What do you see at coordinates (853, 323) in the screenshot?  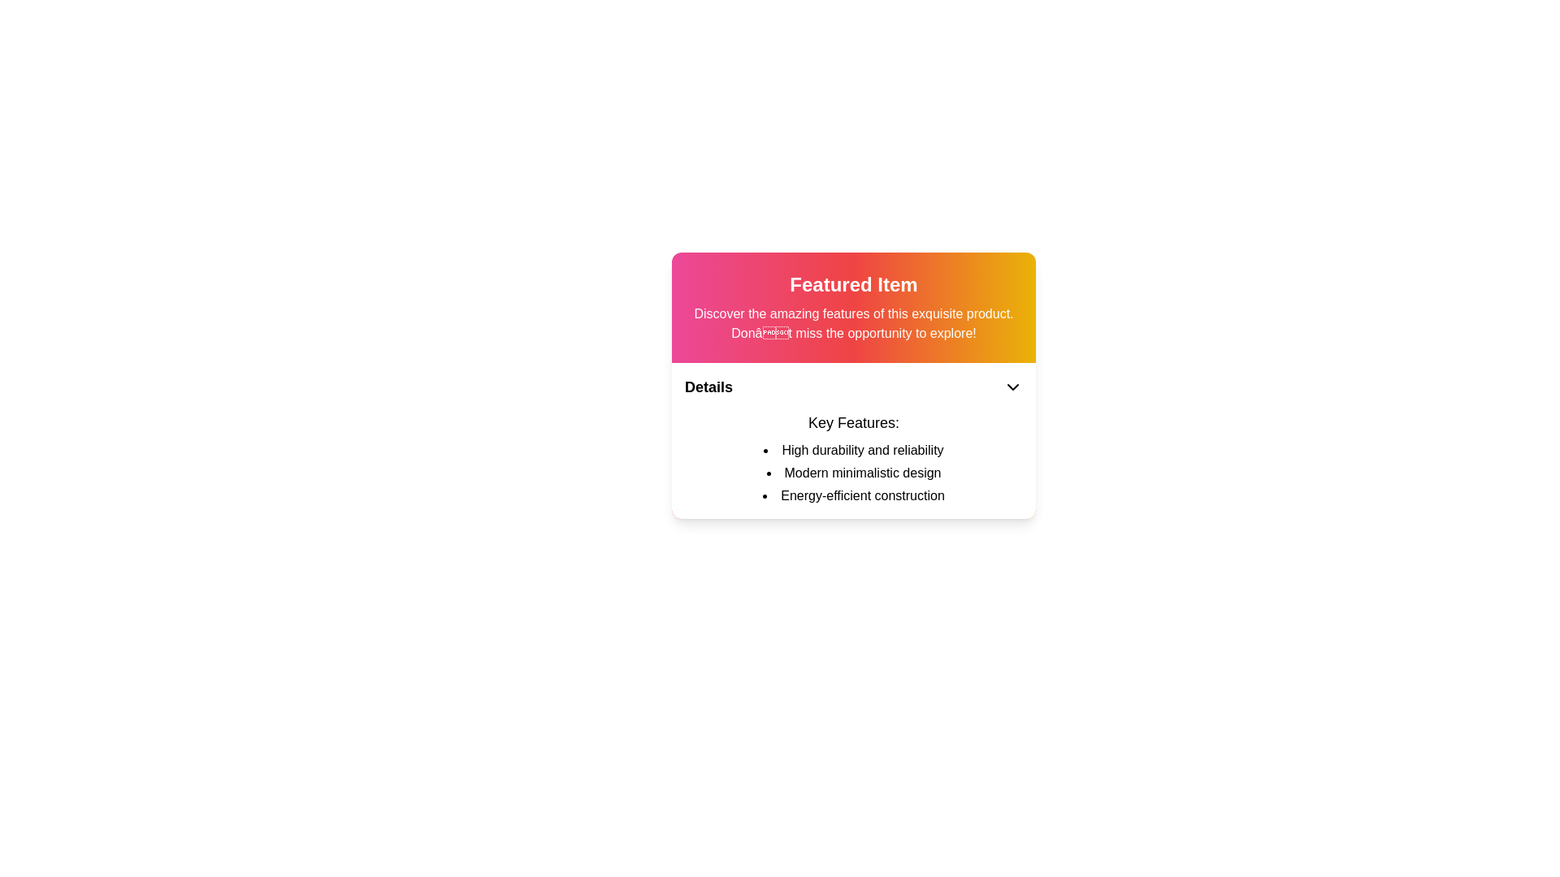 I see `promotional text paragraph styled in white against a vibrant gradient background, located below the bold title 'Featured Item'` at bounding box center [853, 323].